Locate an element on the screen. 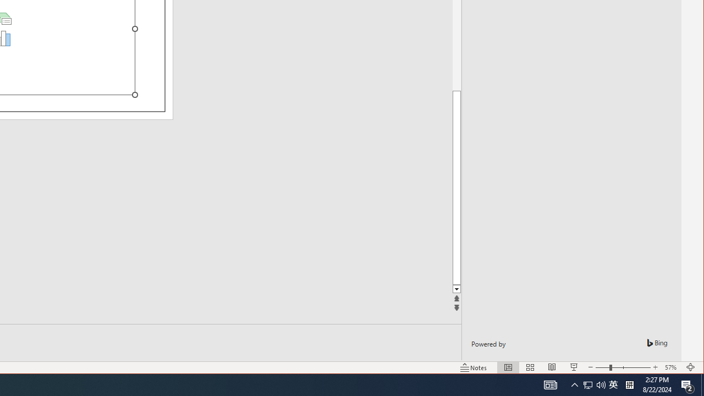 The image size is (704, 396). 'Zoom 57%' is located at coordinates (672, 367).